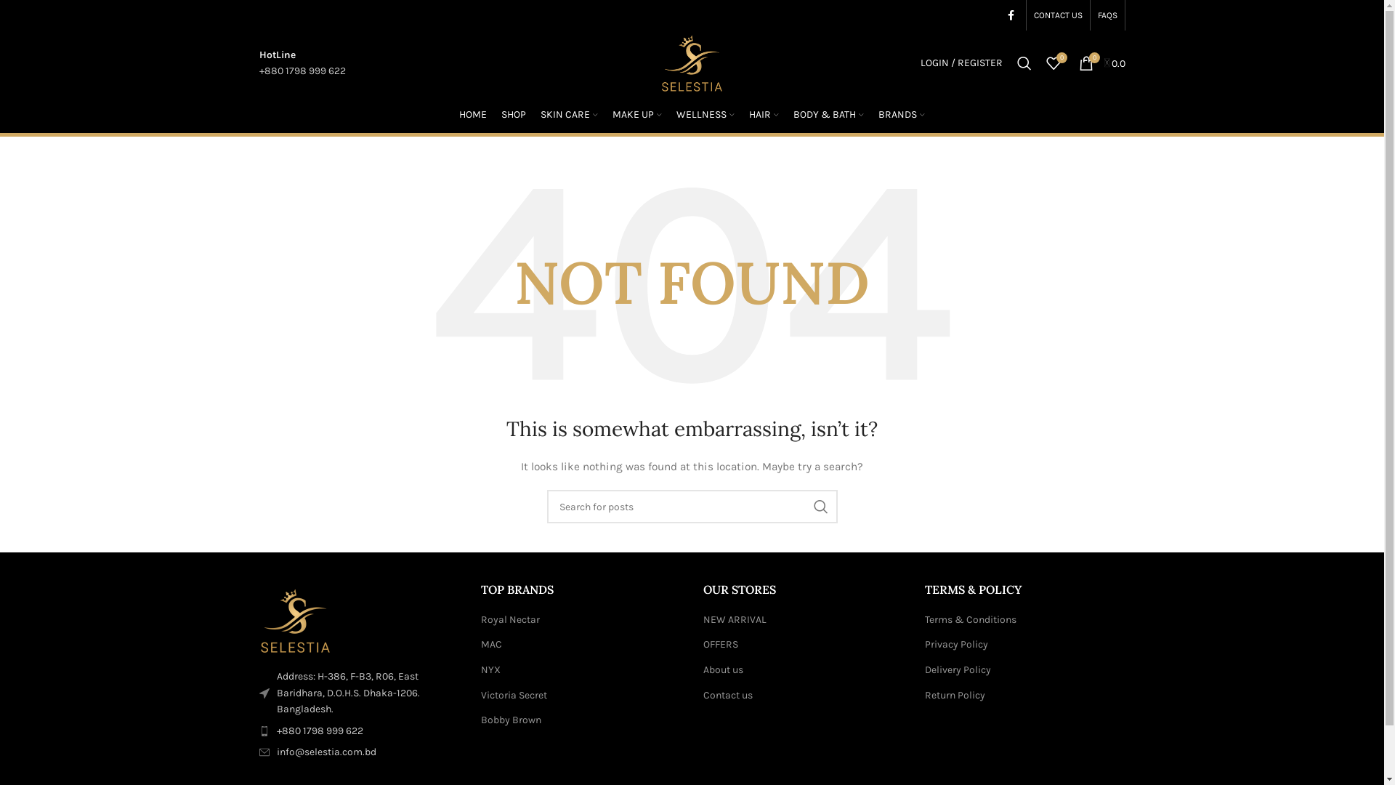  Describe the element at coordinates (729, 694) in the screenshot. I see `'Contact us'` at that location.